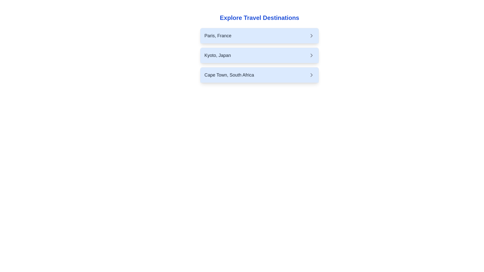  What do you see at coordinates (311, 55) in the screenshot?
I see `the chevron icon located to the left edge of the 'Kyoto, Japan' button` at bounding box center [311, 55].